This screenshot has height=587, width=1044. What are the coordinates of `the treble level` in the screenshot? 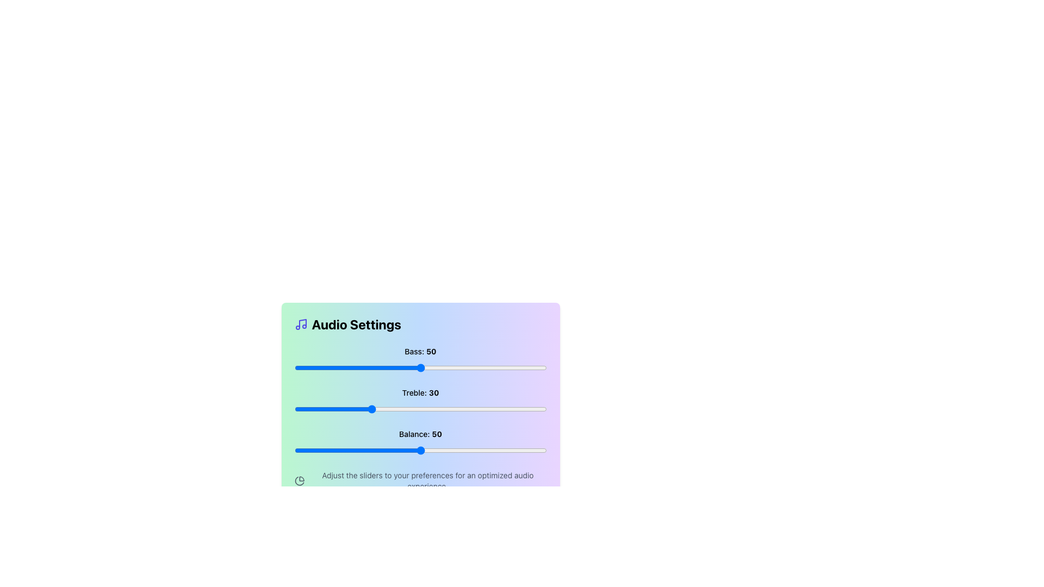 It's located at (420, 409).